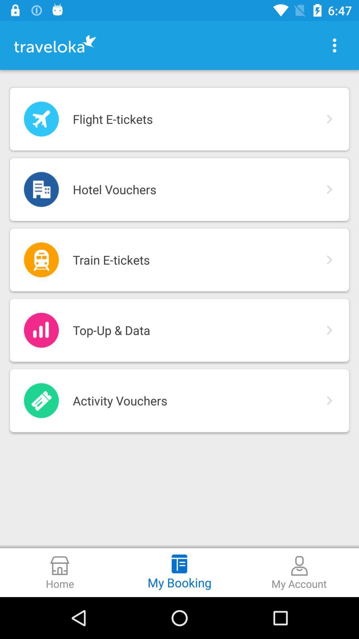 The image size is (359, 639). Describe the element at coordinates (334, 45) in the screenshot. I see `clique para abri o menu` at that location.